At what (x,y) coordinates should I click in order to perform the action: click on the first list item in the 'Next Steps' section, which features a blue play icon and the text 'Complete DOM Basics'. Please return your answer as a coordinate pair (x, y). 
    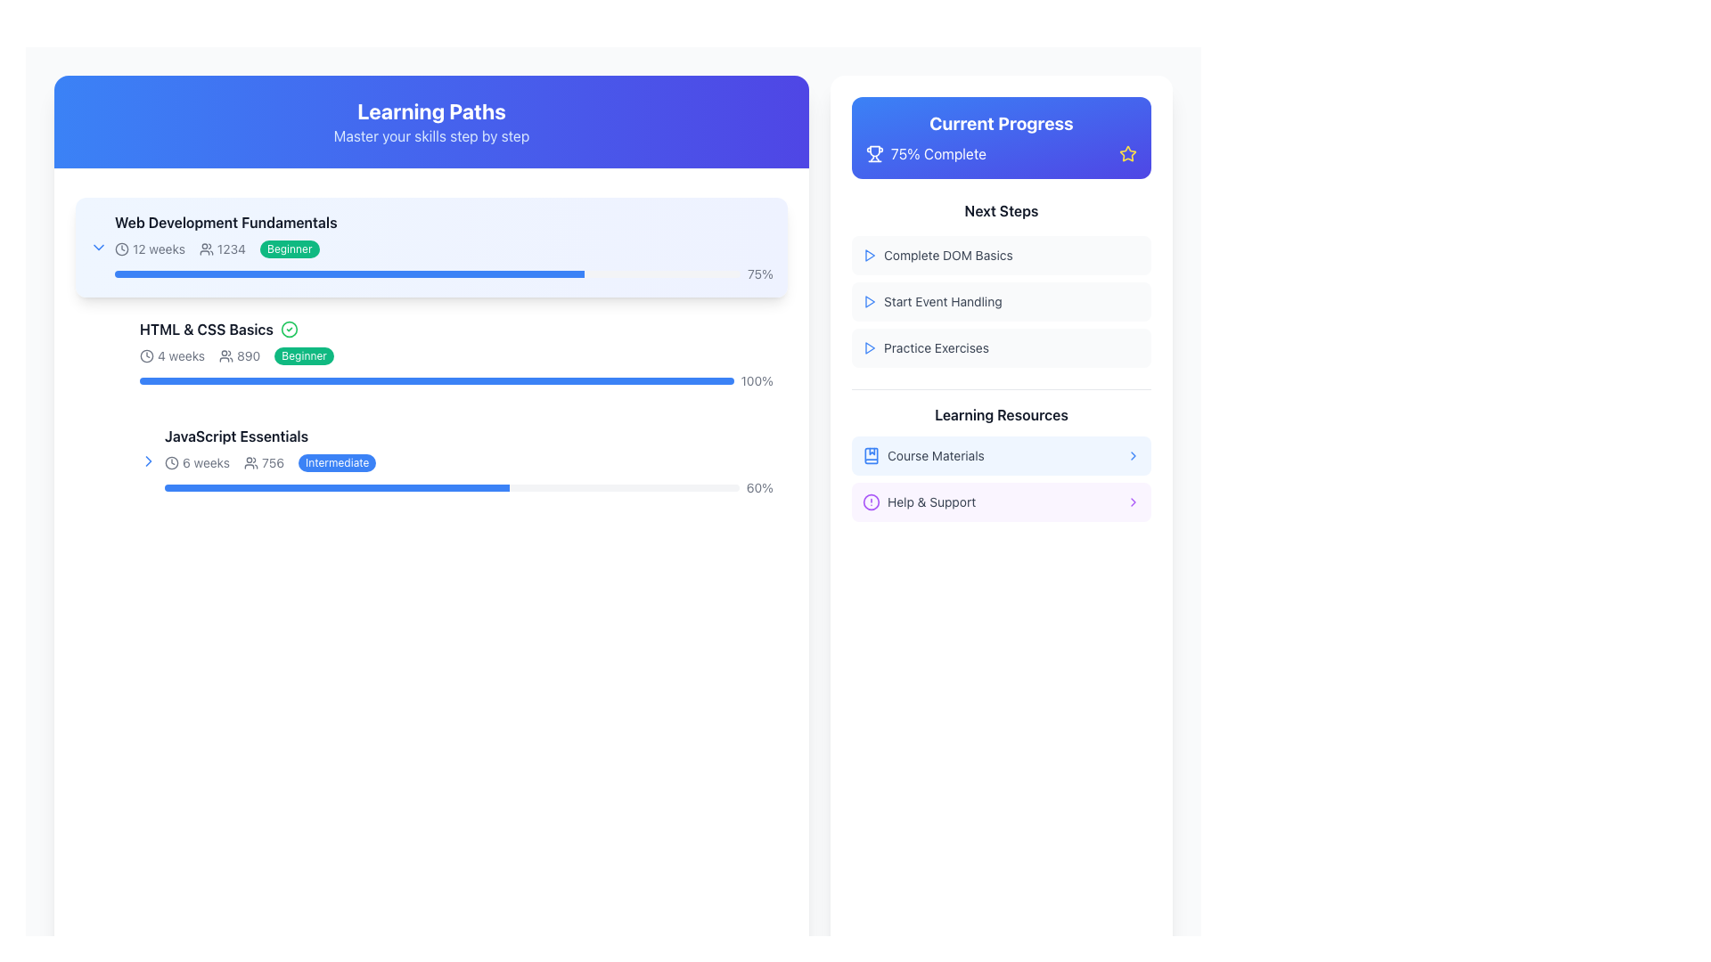
    Looking at the image, I should click on (1001, 255).